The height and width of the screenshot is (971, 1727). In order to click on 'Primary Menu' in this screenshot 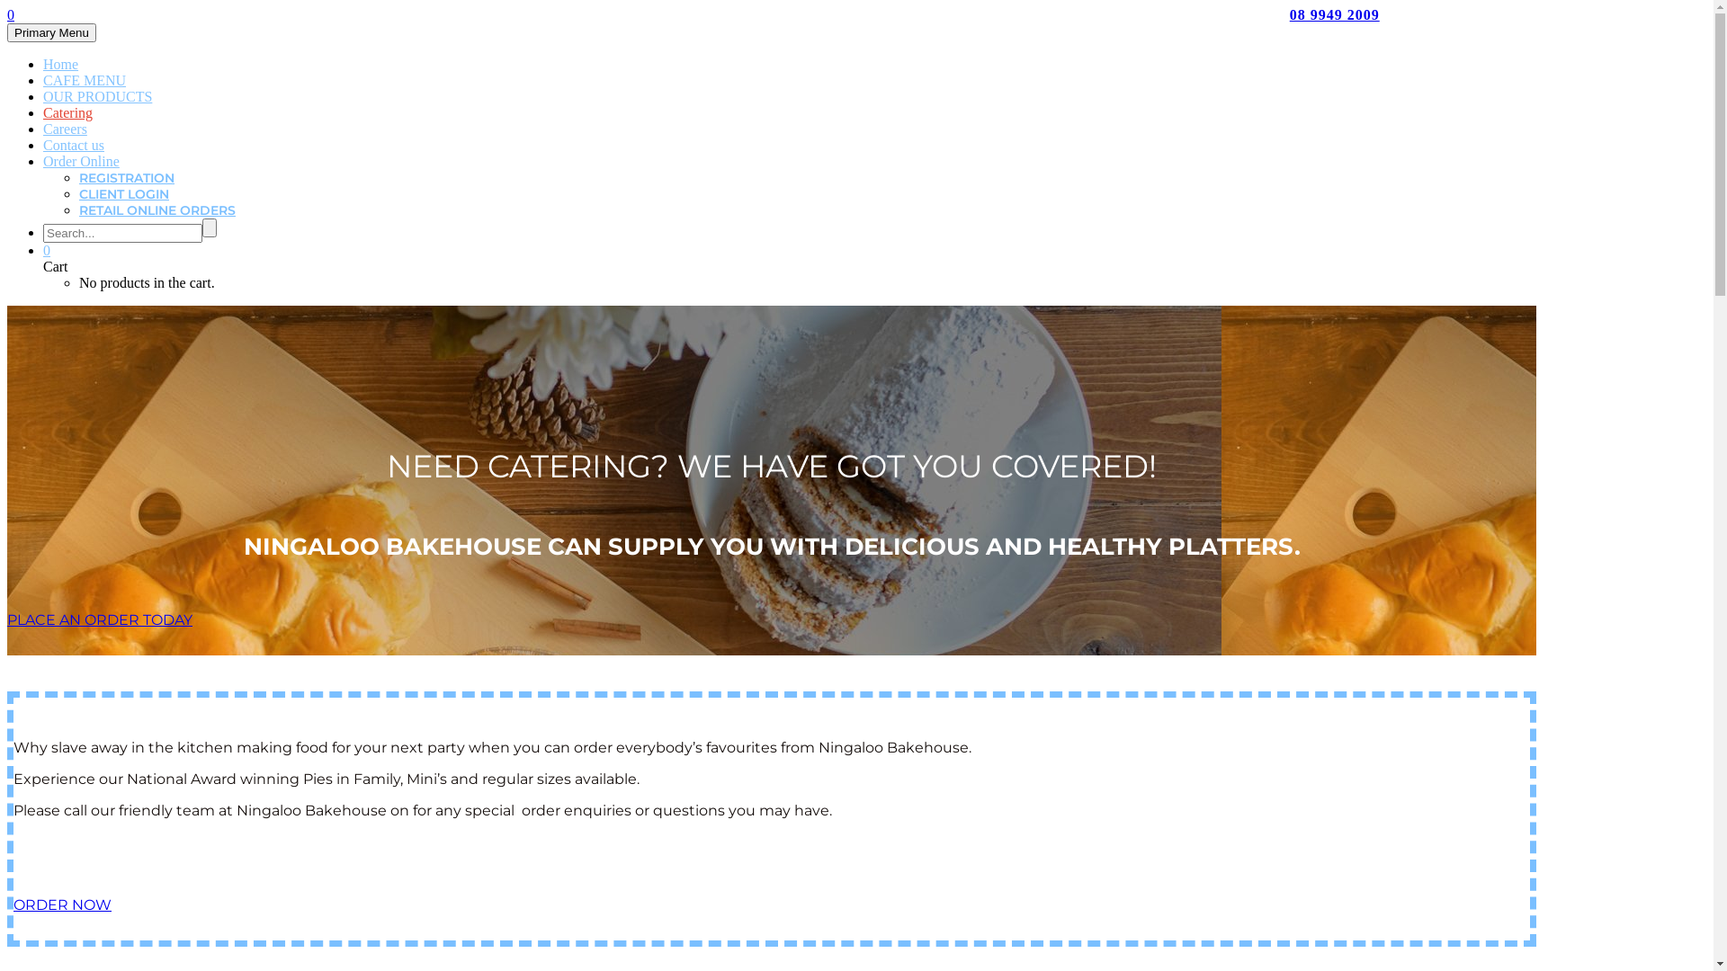, I will do `click(51, 32)`.